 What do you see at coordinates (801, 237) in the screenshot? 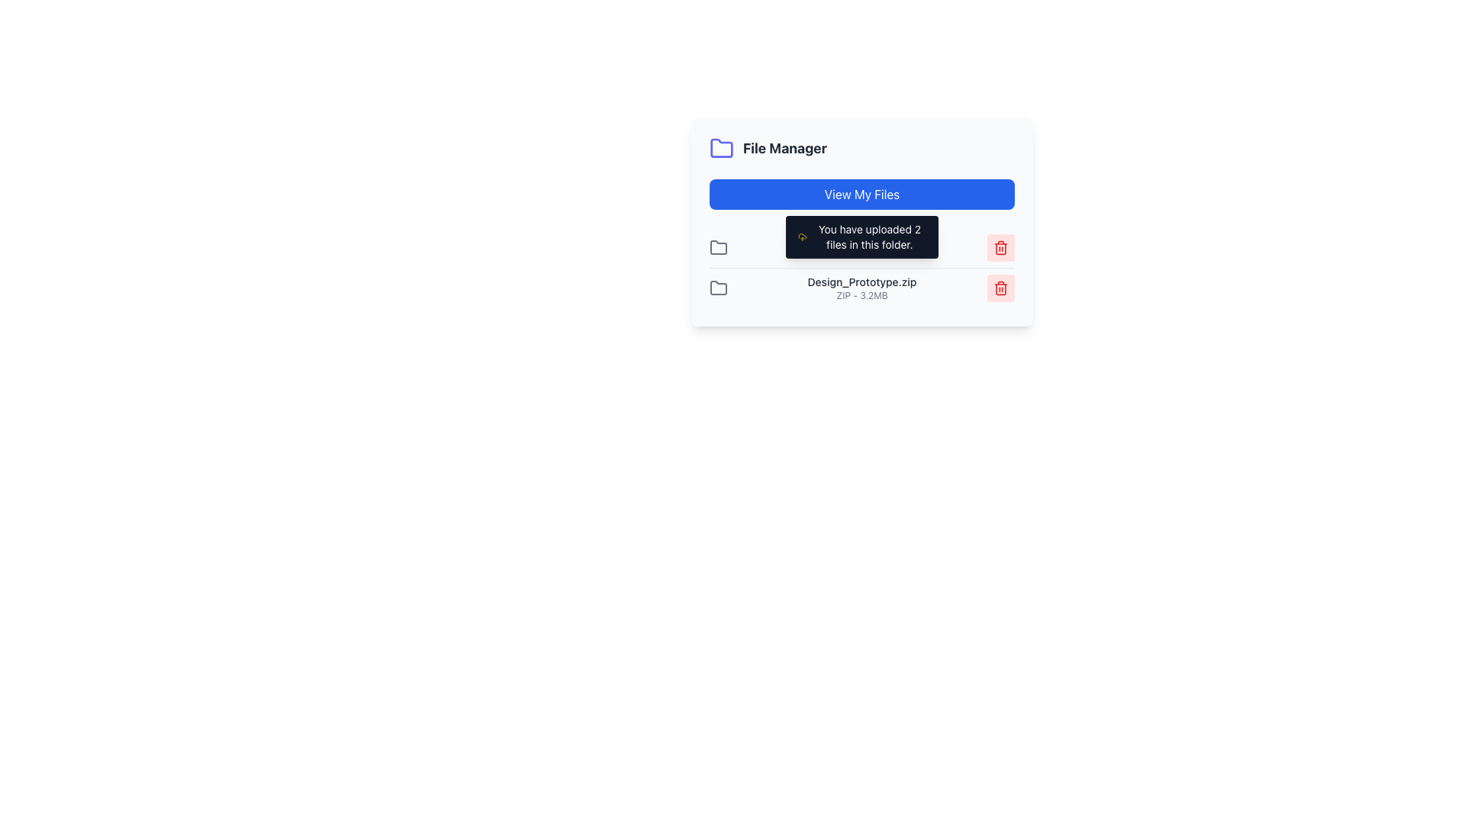
I see `the upload icon located to the left of the text 'You have uploaded 2 files in this folder.' in the upper half of the main card` at bounding box center [801, 237].